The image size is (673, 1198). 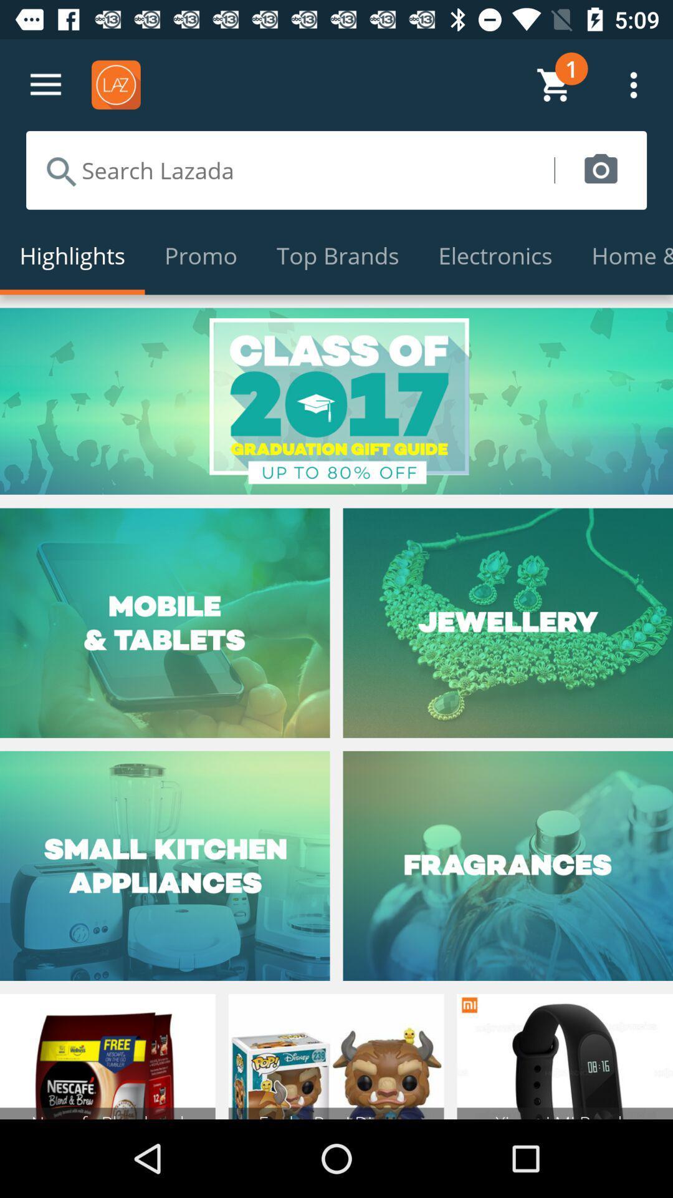 What do you see at coordinates (45, 84) in the screenshot?
I see `menu` at bounding box center [45, 84].